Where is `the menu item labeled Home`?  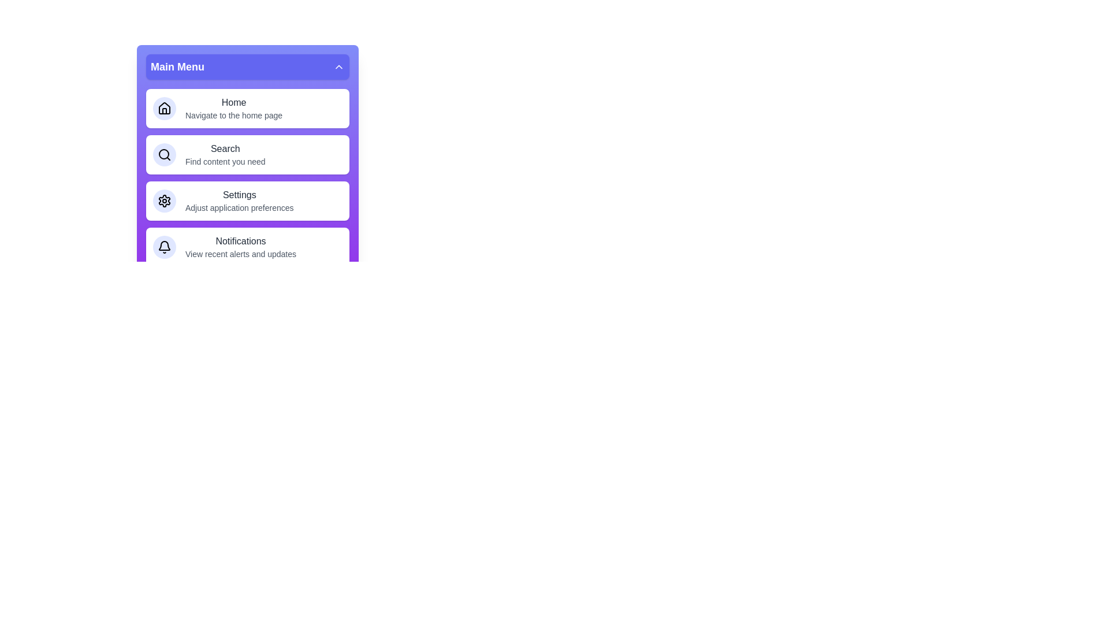 the menu item labeled Home is located at coordinates (247, 109).